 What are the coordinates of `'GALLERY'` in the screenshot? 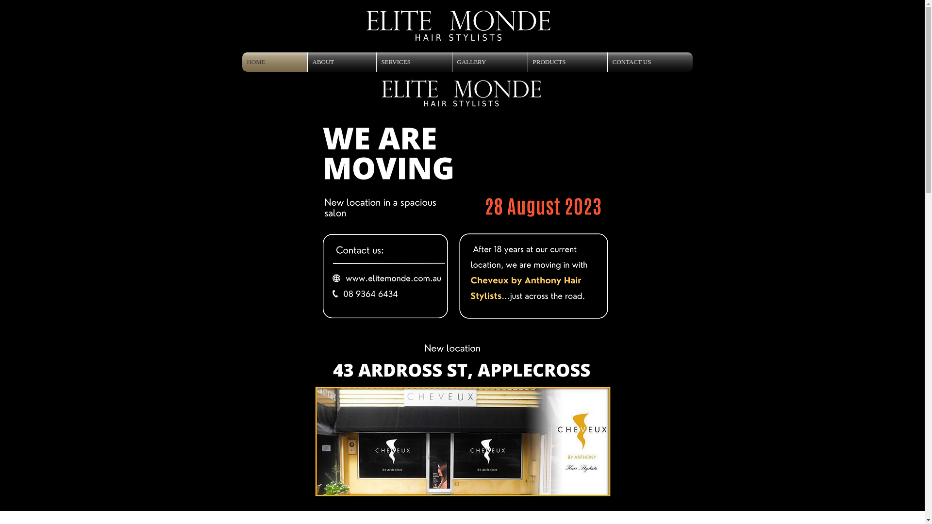 It's located at (490, 62).